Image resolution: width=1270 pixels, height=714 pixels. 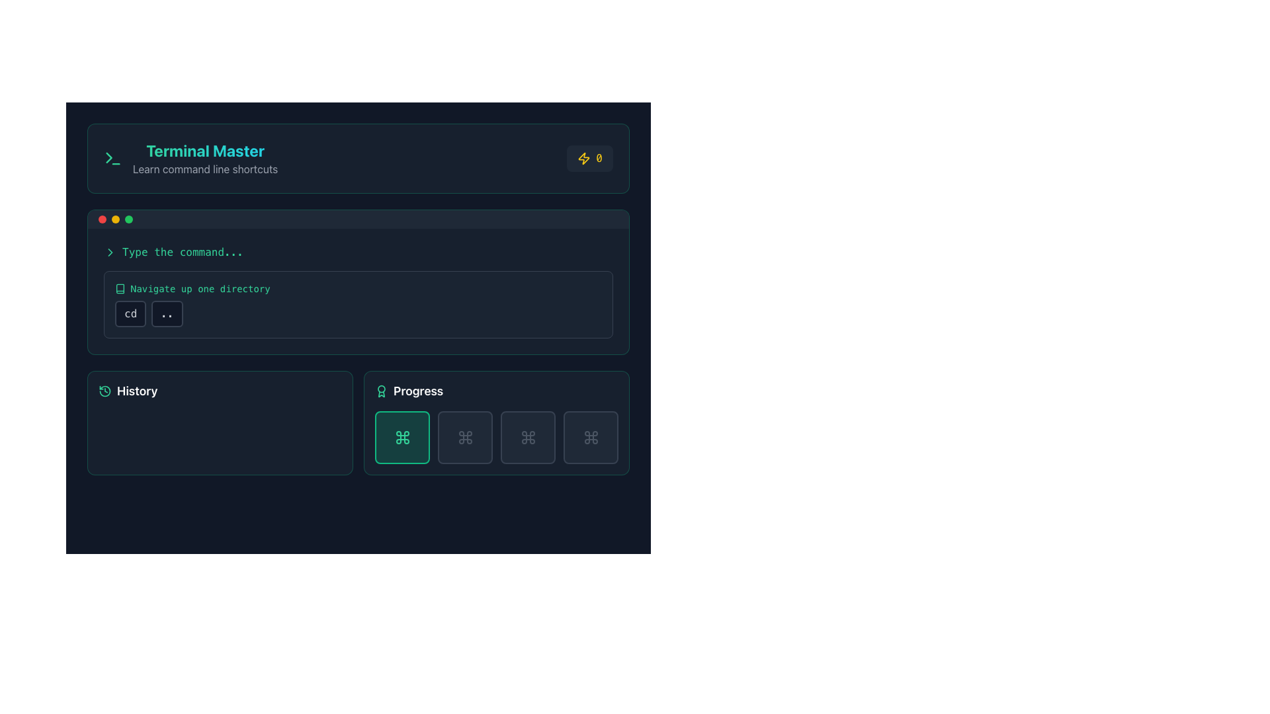 What do you see at coordinates (104, 390) in the screenshot?
I see `the 'History' icon located to the left of the 'History' text` at bounding box center [104, 390].